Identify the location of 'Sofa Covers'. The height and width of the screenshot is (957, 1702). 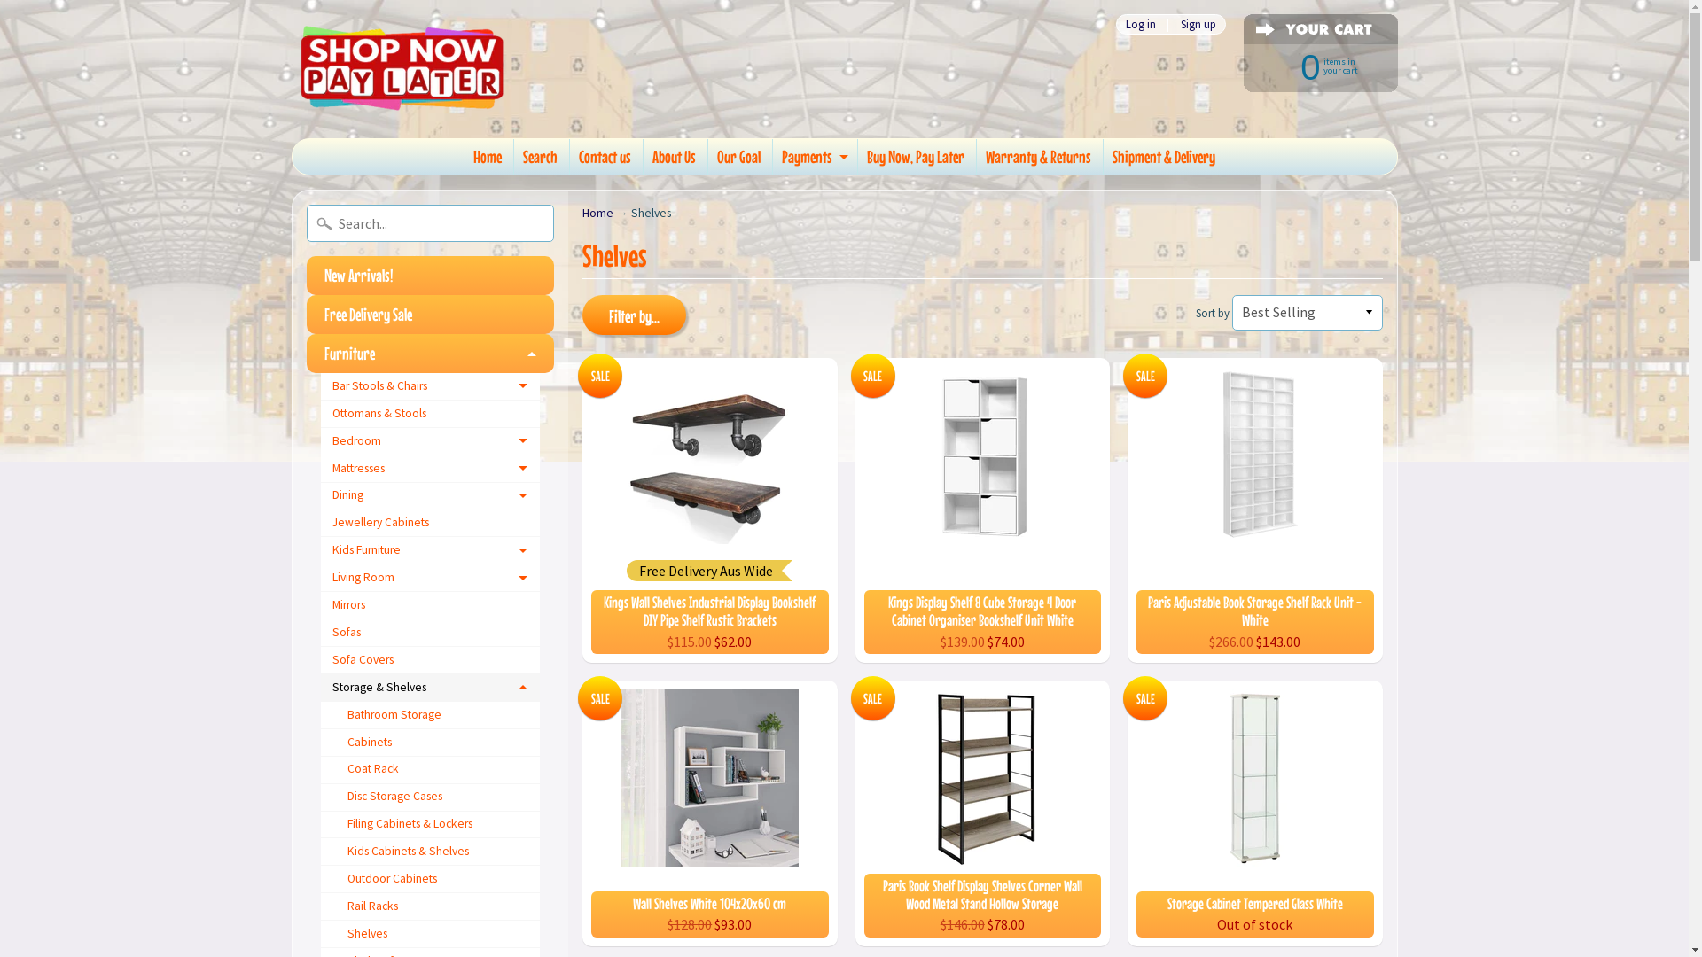
(430, 660).